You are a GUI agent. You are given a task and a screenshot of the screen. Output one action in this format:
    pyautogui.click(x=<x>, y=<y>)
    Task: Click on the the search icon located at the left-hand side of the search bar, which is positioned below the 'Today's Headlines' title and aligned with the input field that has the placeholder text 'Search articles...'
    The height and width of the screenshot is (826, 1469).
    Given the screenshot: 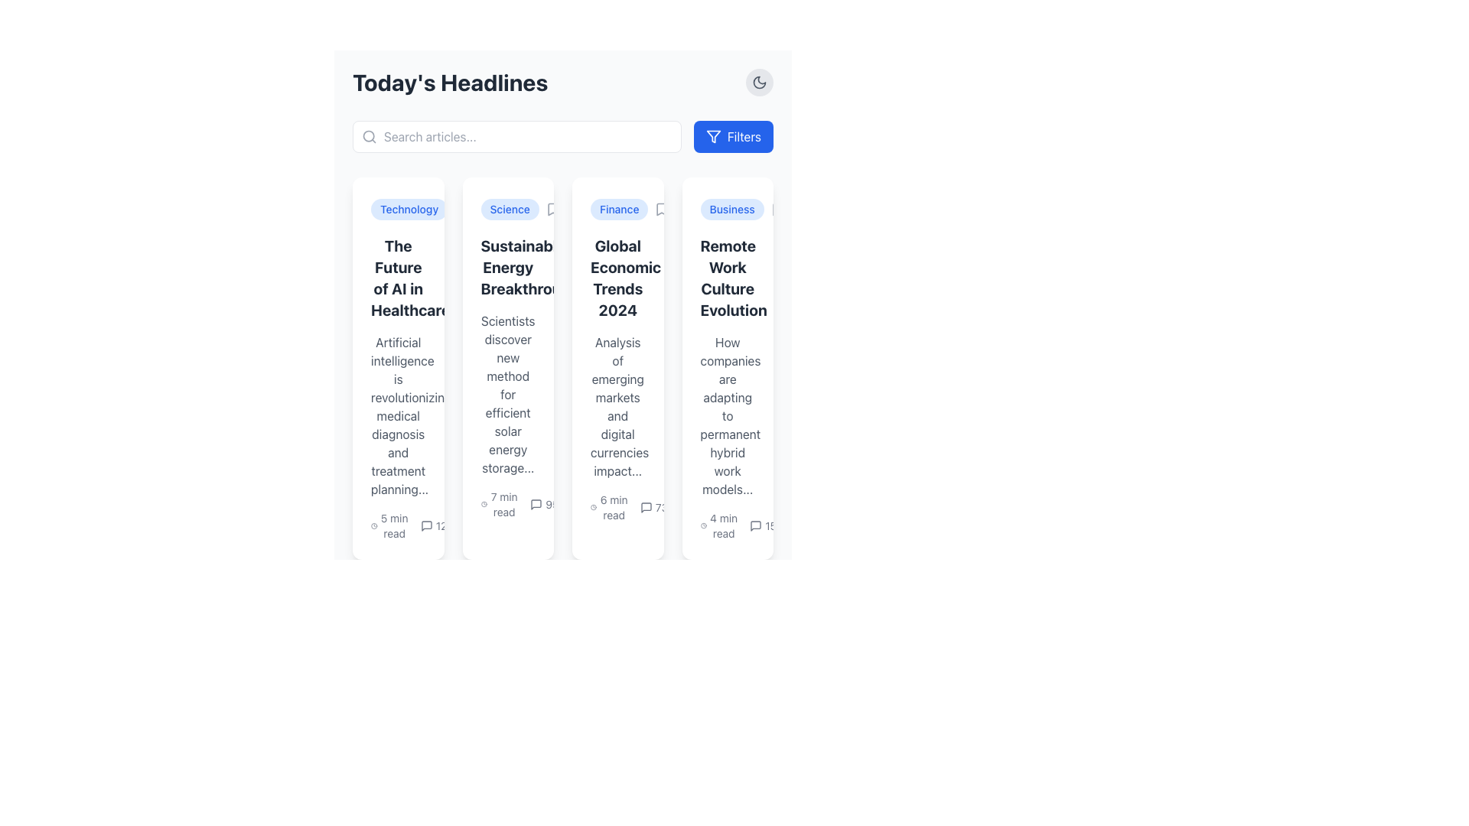 What is the action you would take?
    pyautogui.click(x=370, y=135)
    